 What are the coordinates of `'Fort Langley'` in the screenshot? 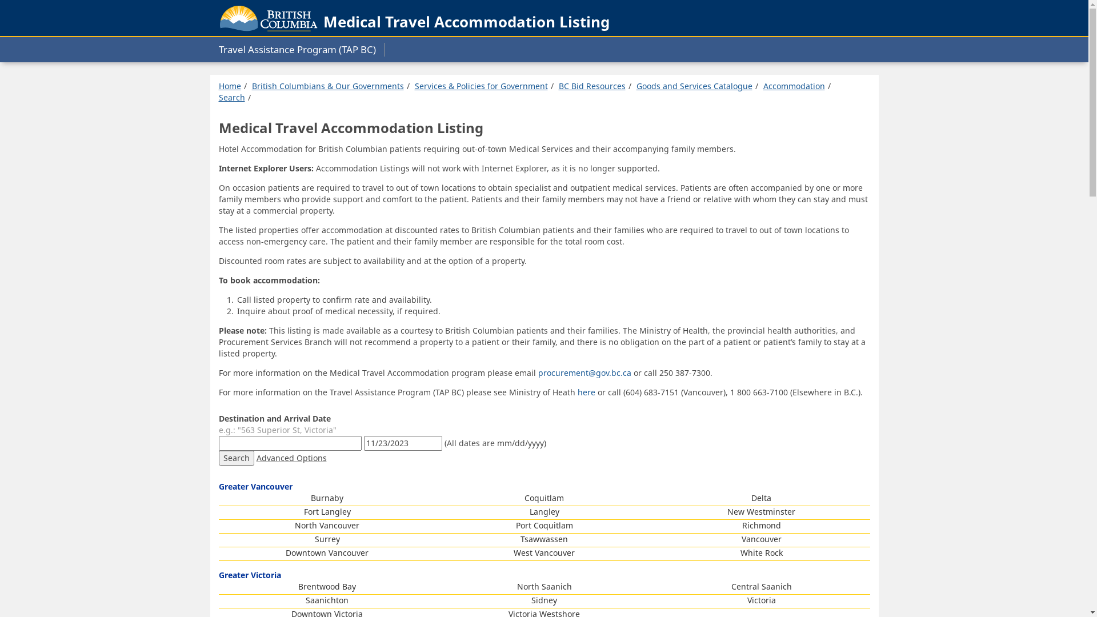 It's located at (304, 511).